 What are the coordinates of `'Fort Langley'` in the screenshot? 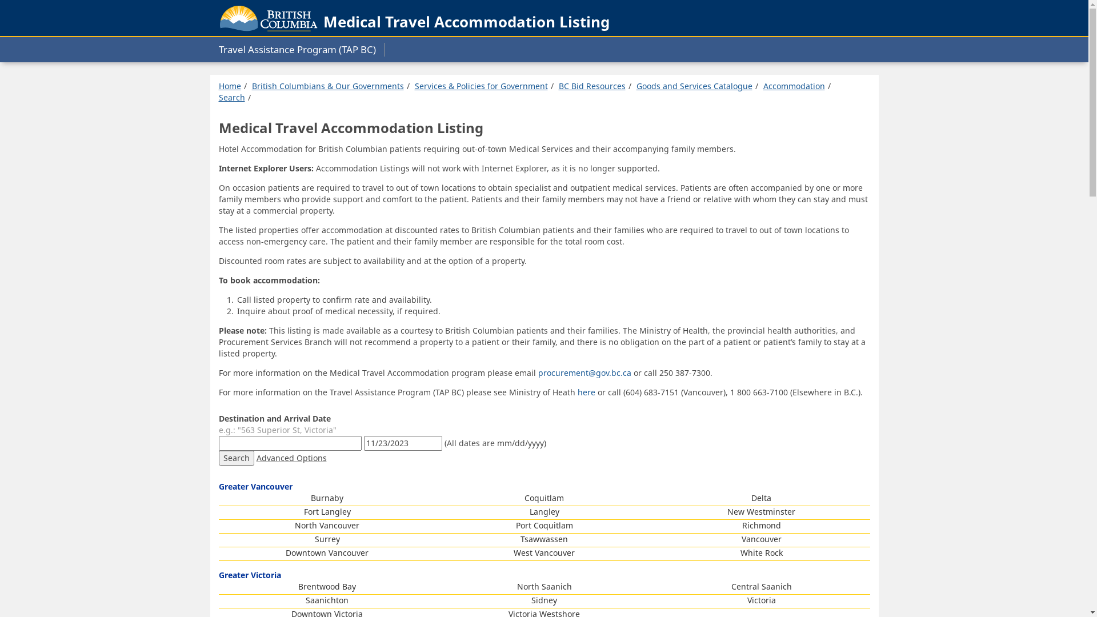 It's located at (304, 511).